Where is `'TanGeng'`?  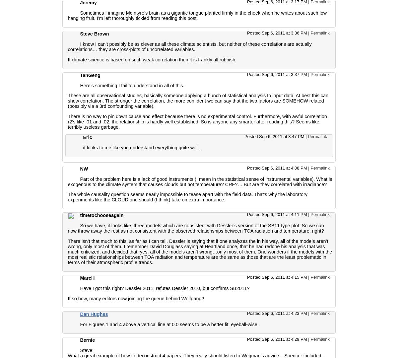 'TanGeng' is located at coordinates (90, 75).